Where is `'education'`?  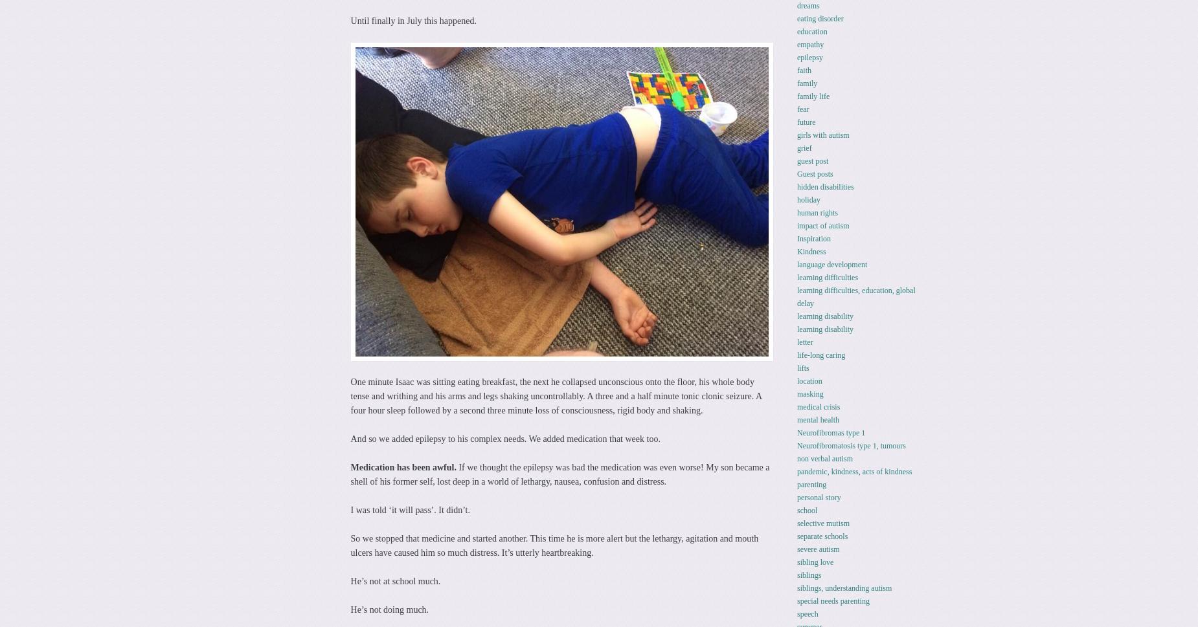
'education' is located at coordinates (796, 30).